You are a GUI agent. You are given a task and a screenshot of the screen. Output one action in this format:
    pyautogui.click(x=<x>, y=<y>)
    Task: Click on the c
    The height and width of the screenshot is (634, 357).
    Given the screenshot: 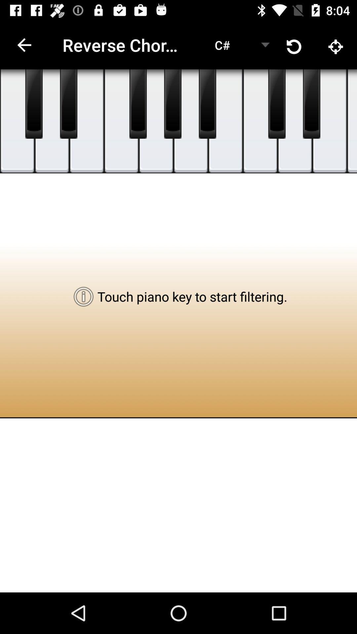 What is the action you would take?
    pyautogui.click(x=225, y=121)
    